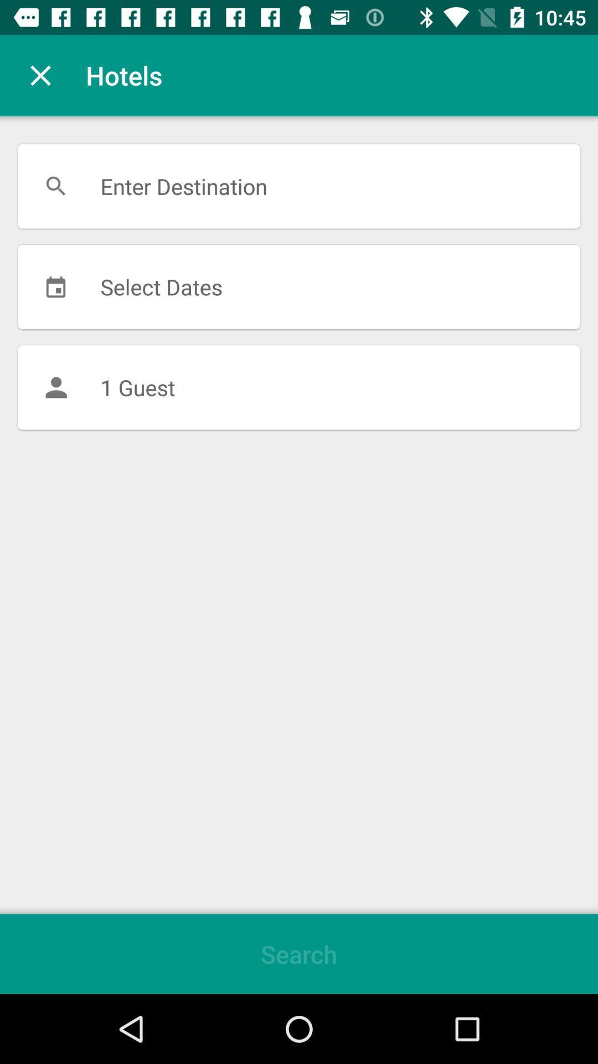 Image resolution: width=598 pixels, height=1064 pixels. I want to click on the icon above 1 guest item, so click(299, 287).